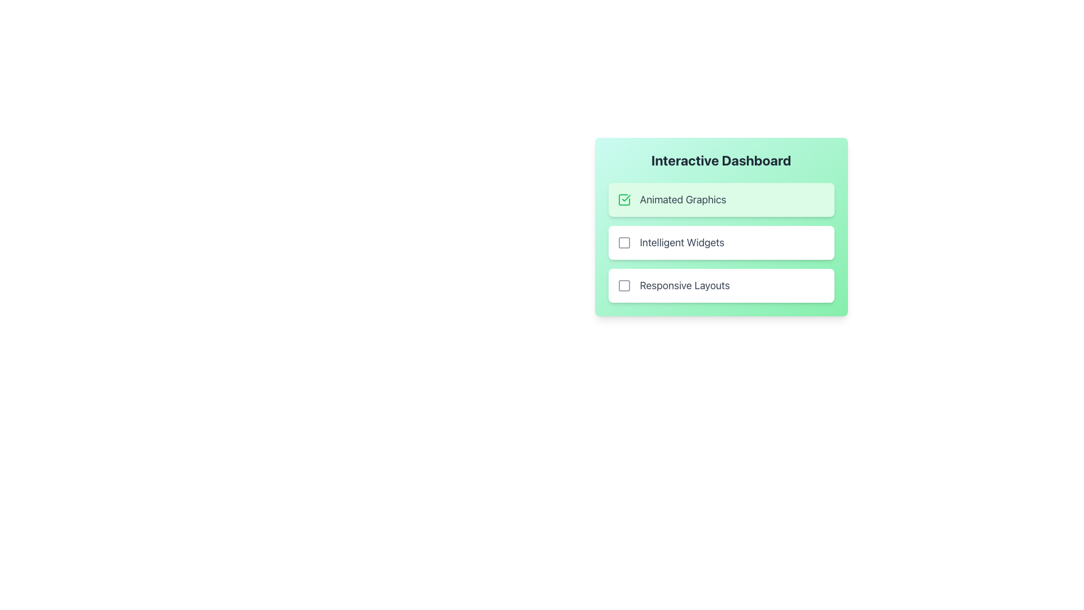 This screenshot has width=1084, height=610. I want to click on the checkbox labeled 'Intelligent Widgets', so click(720, 242).